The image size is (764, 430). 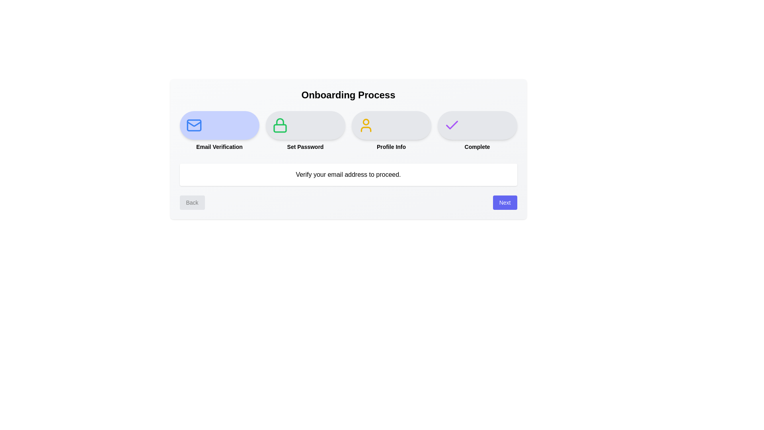 What do you see at coordinates (305, 125) in the screenshot?
I see `the step Set Password to inspect its feedback` at bounding box center [305, 125].